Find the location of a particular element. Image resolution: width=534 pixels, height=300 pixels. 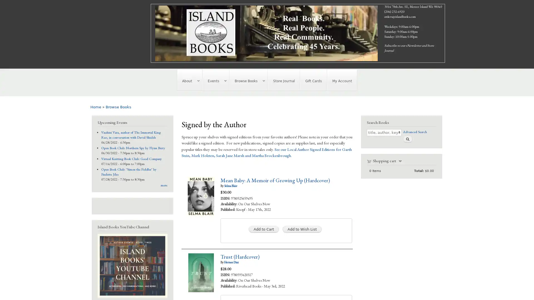

Search is located at coordinates (407, 139).